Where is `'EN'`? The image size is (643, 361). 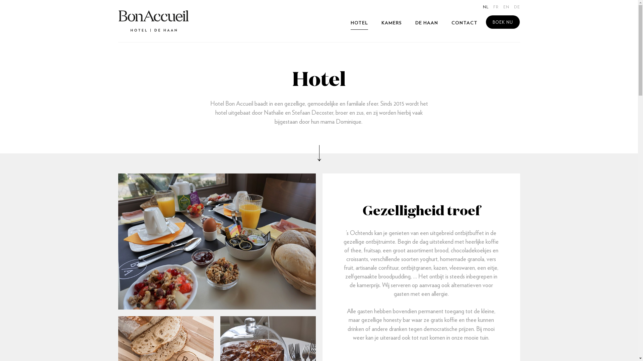
'EN' is located at coordinates (506, 7).